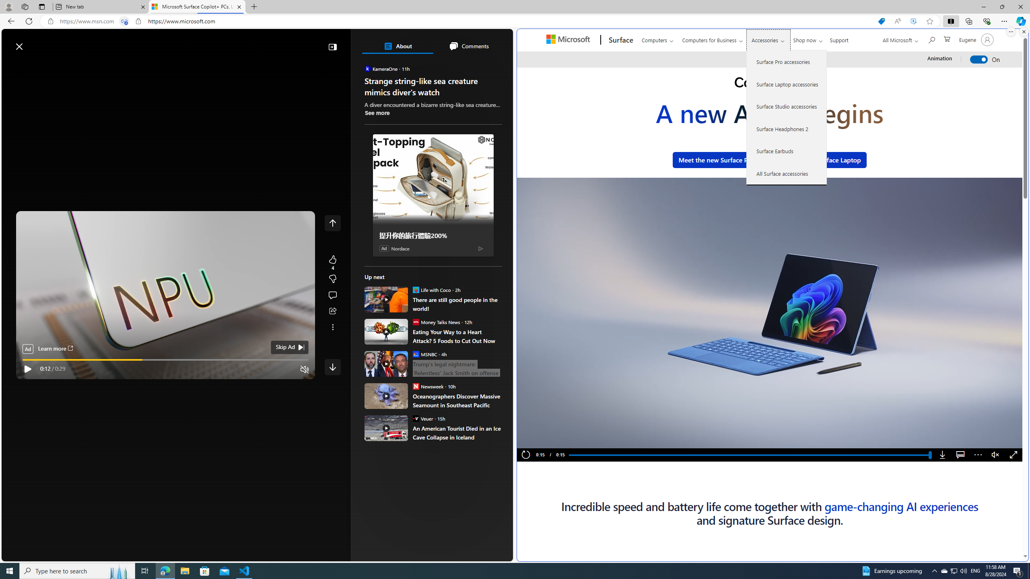 This screenshot has width=1030, height=579. Describe the element at coordinates (457, 433) in the screenshot. I see `'An American Tourist Died in an Ice Cave Collapse in Iceland'` at that location.